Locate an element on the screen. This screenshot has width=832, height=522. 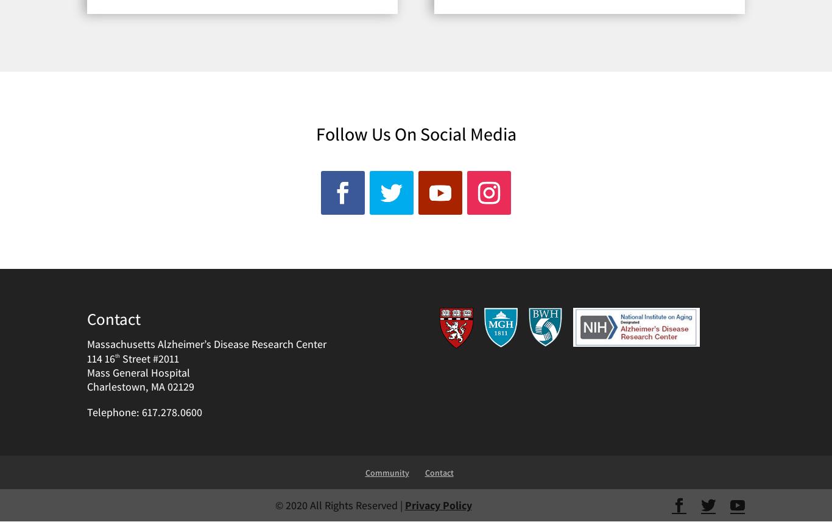
'Street #2011' is located at coordinates (119, 357).